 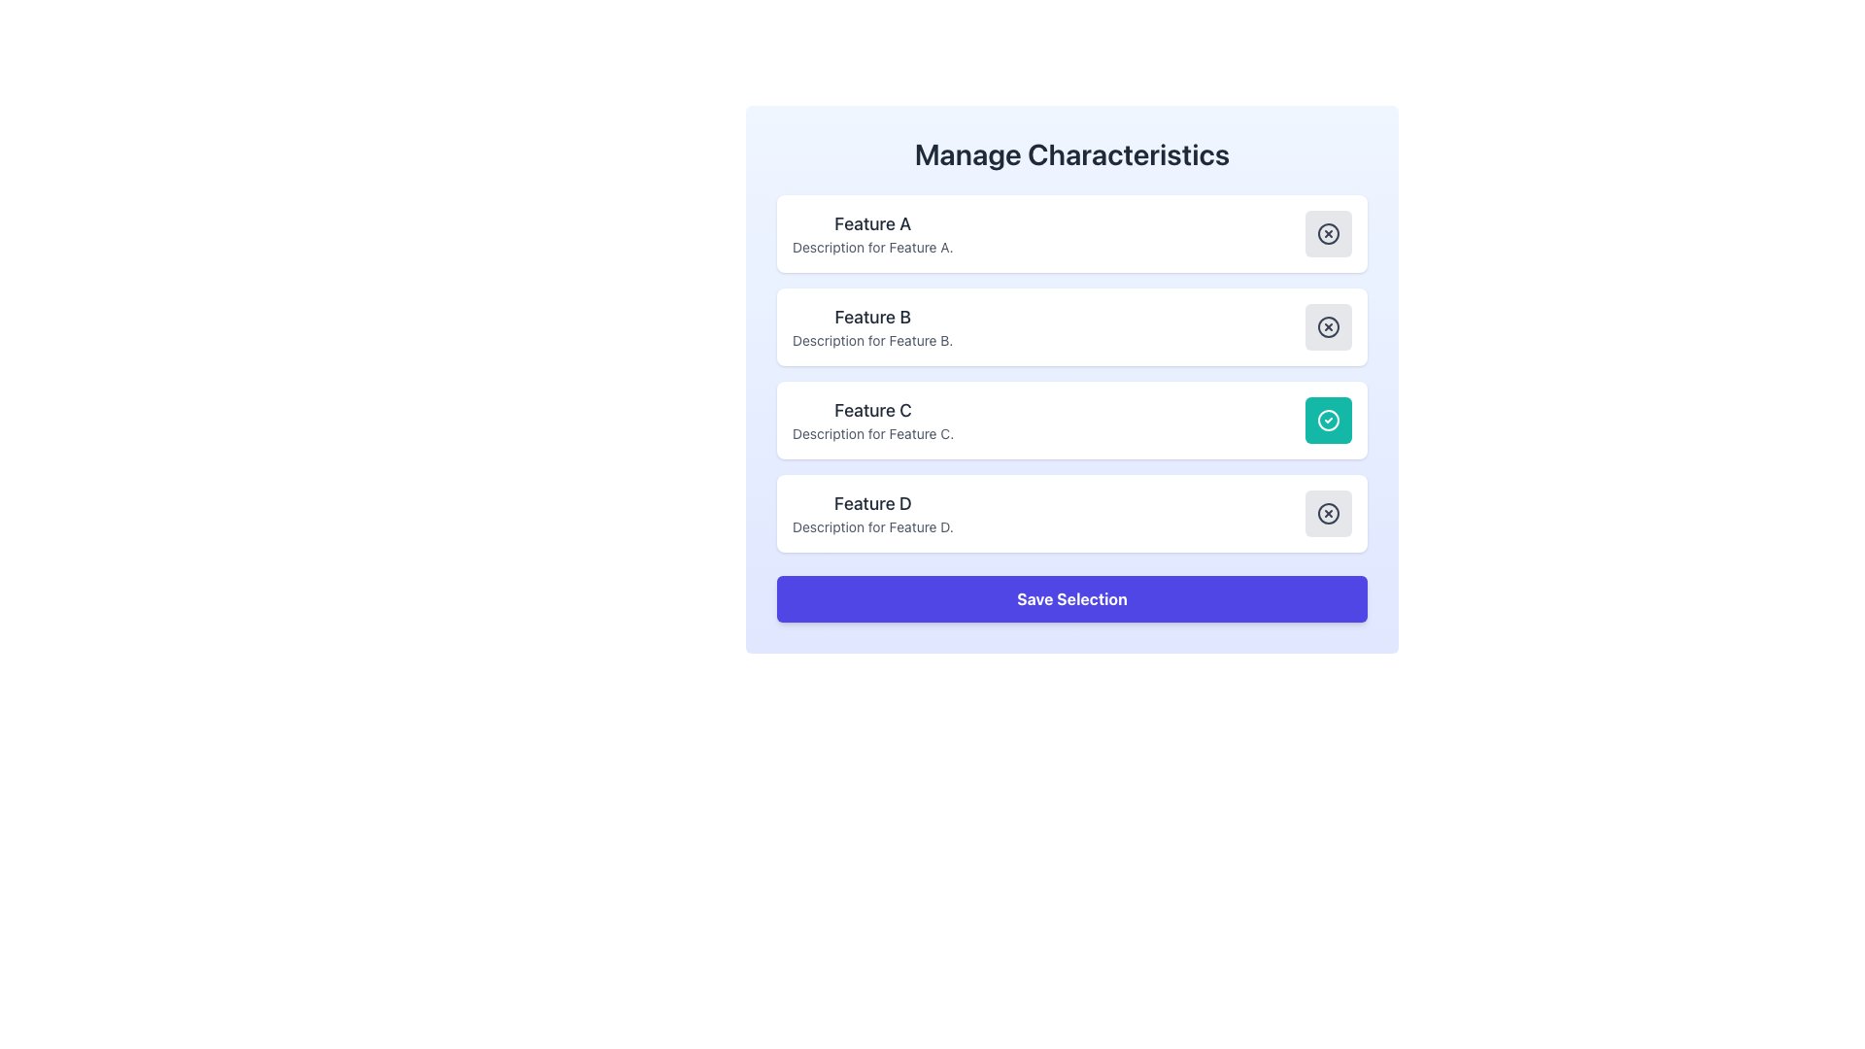 What do you see at coordinates (1328, 419) in the screenshot?
I see `the teal rounded square button with a white checkmark icon located in the 'Feature C' row` at bounding box center [1328, 419].